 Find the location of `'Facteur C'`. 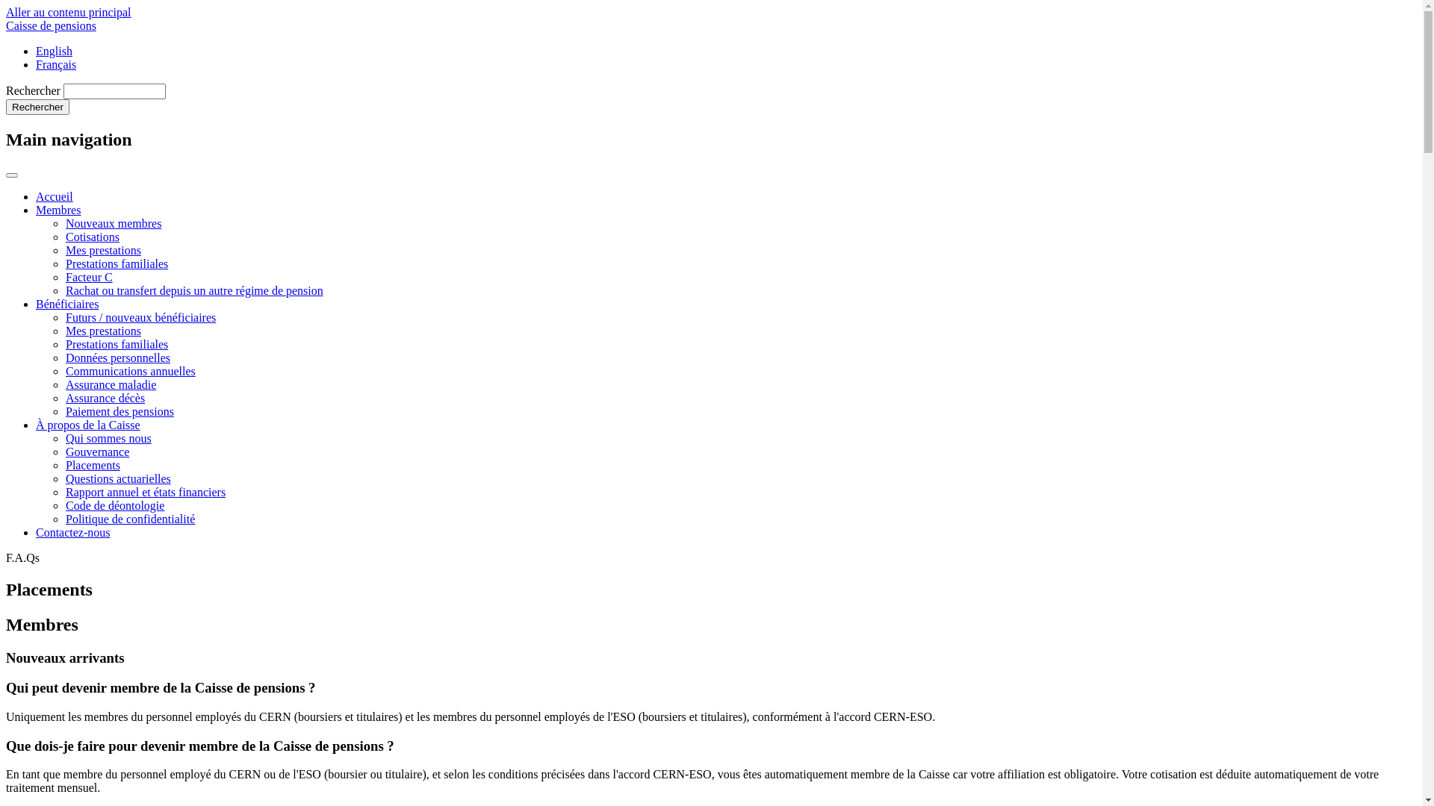

'Facteur C' is located at coordinates (64, 277).